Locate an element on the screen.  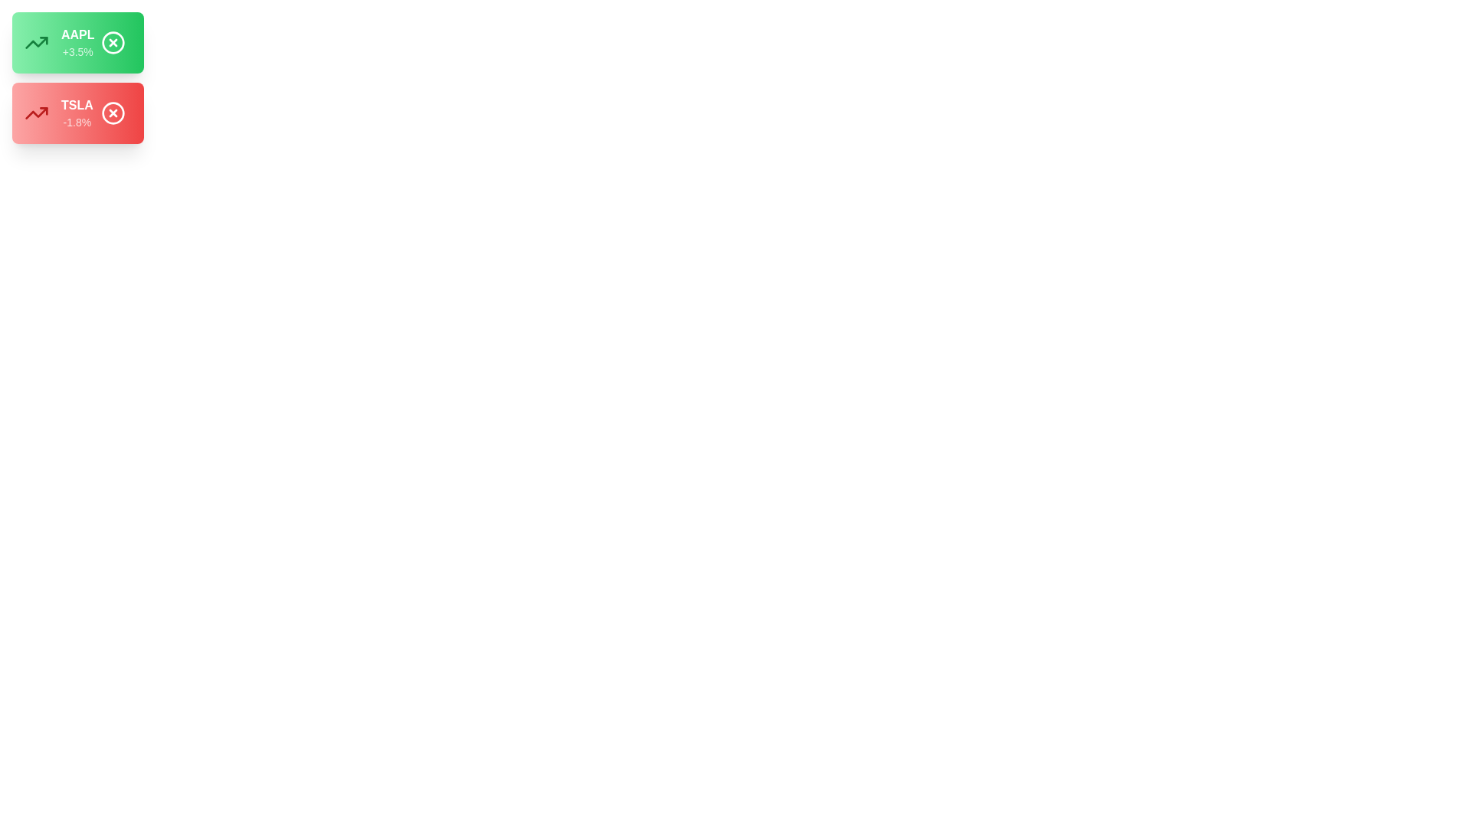
the close button of the alert corresponding to AAPL is located at coordinates (112, 42).